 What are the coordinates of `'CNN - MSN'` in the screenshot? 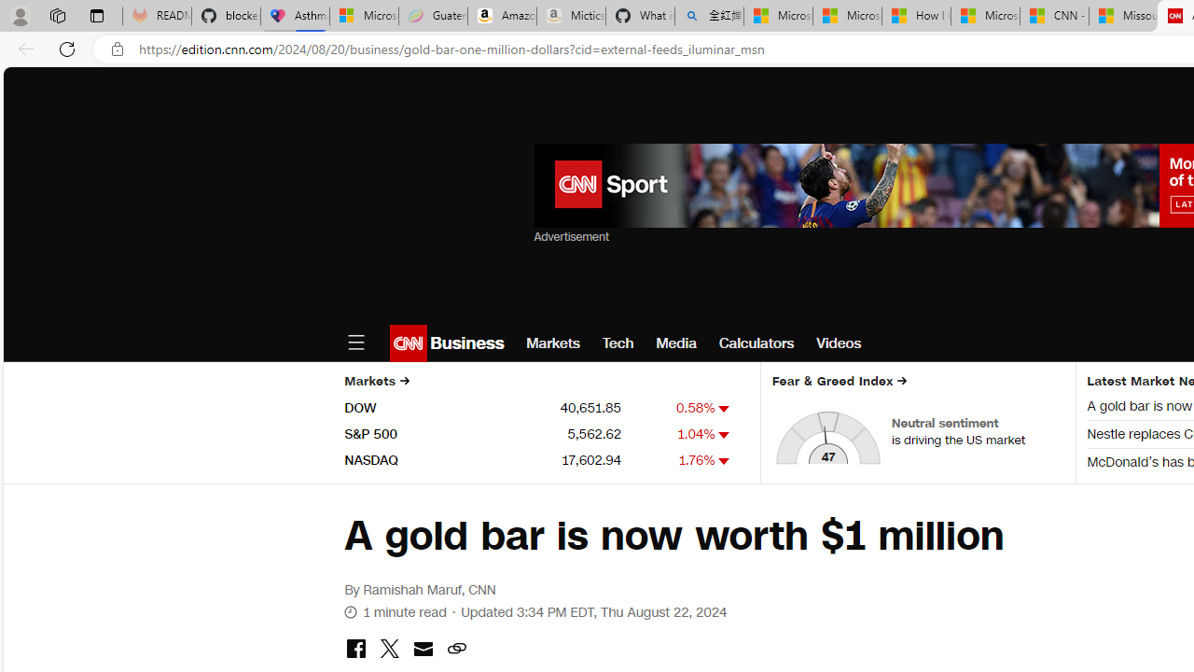 It's located at (1054, 16).